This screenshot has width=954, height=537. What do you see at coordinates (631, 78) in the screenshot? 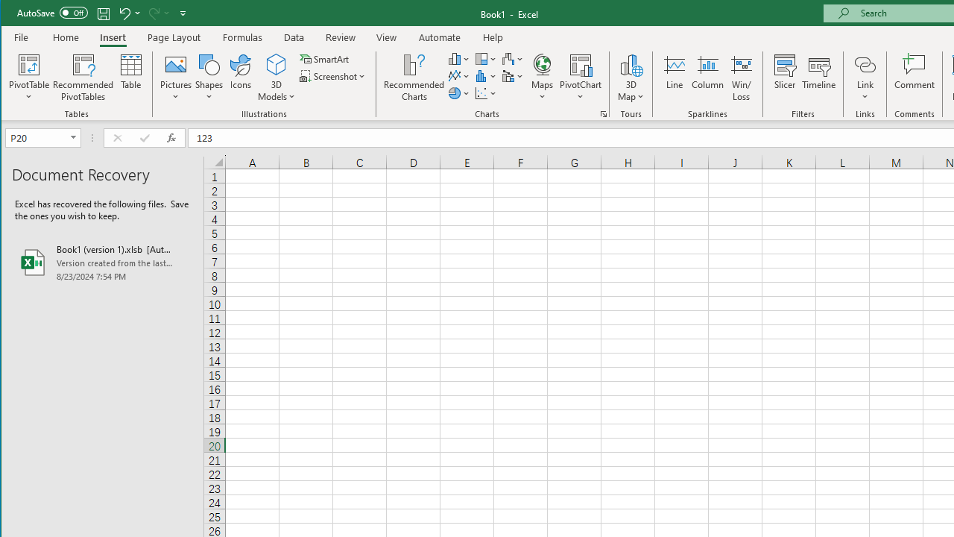
I see `'3D Map'` at bounding box center [631, 78].